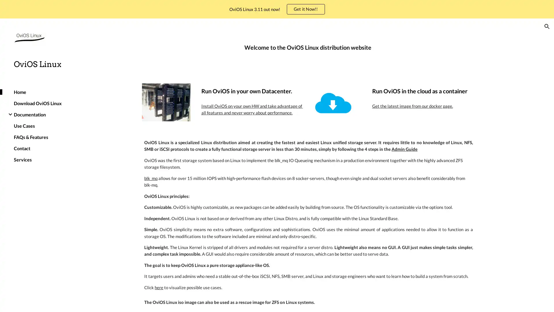  What do you see at coordinates (125, 302) in the screenshot?
I see `Report abuse` at bounding box center [125, 302].